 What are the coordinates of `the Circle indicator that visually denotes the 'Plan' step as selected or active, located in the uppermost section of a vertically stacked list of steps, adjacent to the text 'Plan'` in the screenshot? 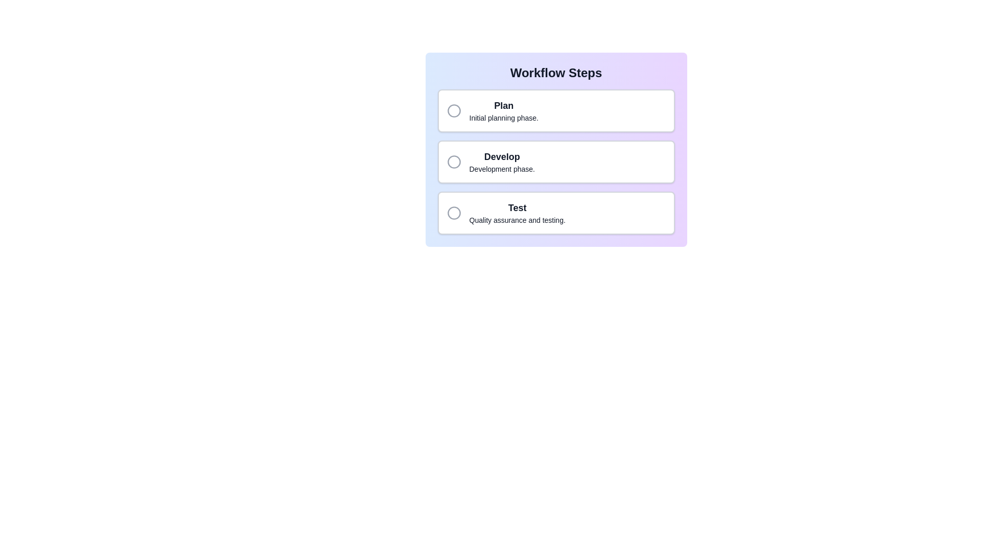 It's located at (453, 110).